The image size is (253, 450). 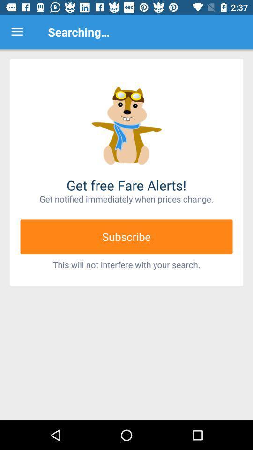 What do you see at coordinates (126, 236) in the screenshot?
I see `subscribe icon` at bounding box center [126, 236].